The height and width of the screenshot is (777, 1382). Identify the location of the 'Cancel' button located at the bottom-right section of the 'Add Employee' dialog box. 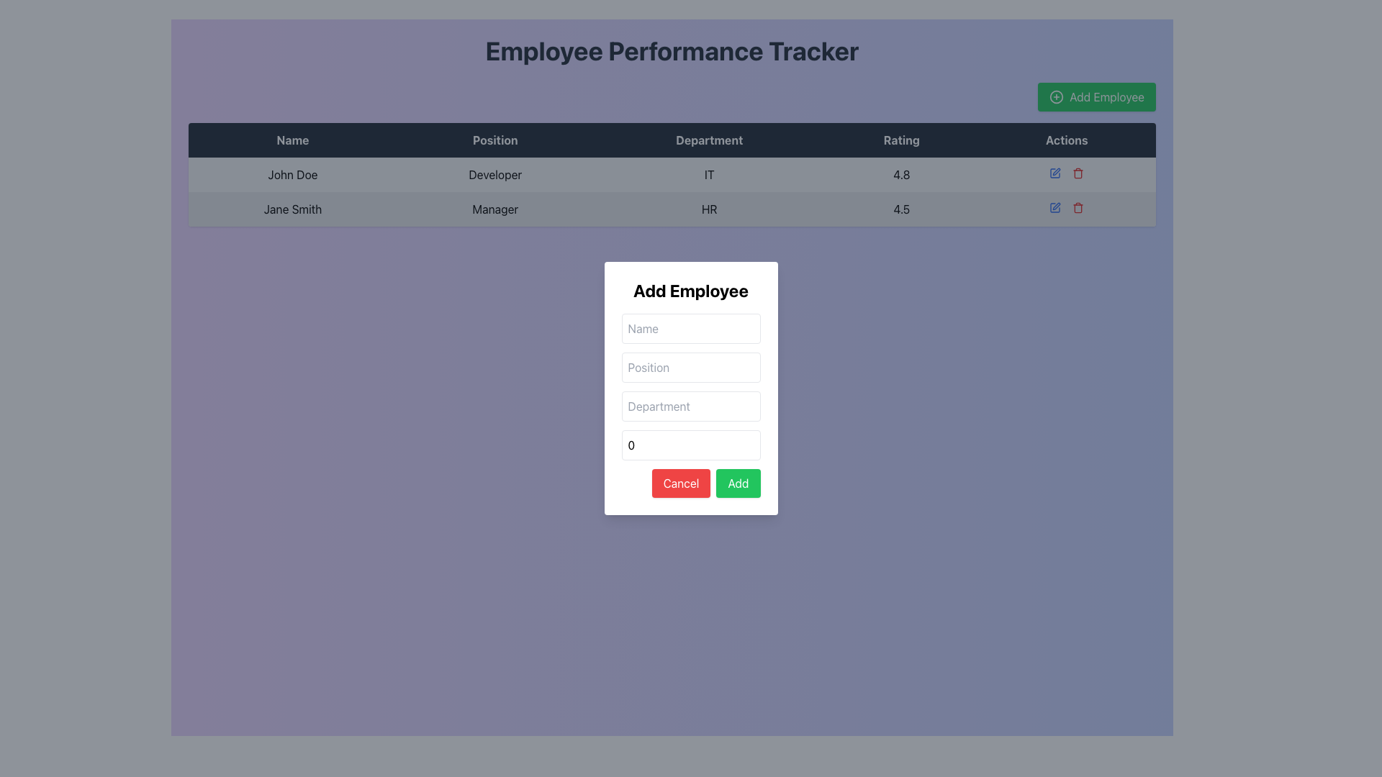
(691, 483).